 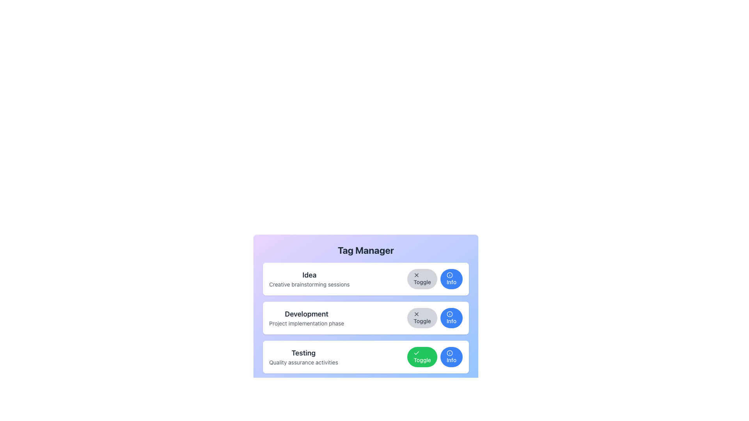 What do you see at coordinates (303, 357) in the screenshot?
I see `text from the text-based UI element that serves as a heading ('Testing') with a supporting description ('Quality assurance activities') located in the lower portion of the main content area` at bounding box center [303, 357].